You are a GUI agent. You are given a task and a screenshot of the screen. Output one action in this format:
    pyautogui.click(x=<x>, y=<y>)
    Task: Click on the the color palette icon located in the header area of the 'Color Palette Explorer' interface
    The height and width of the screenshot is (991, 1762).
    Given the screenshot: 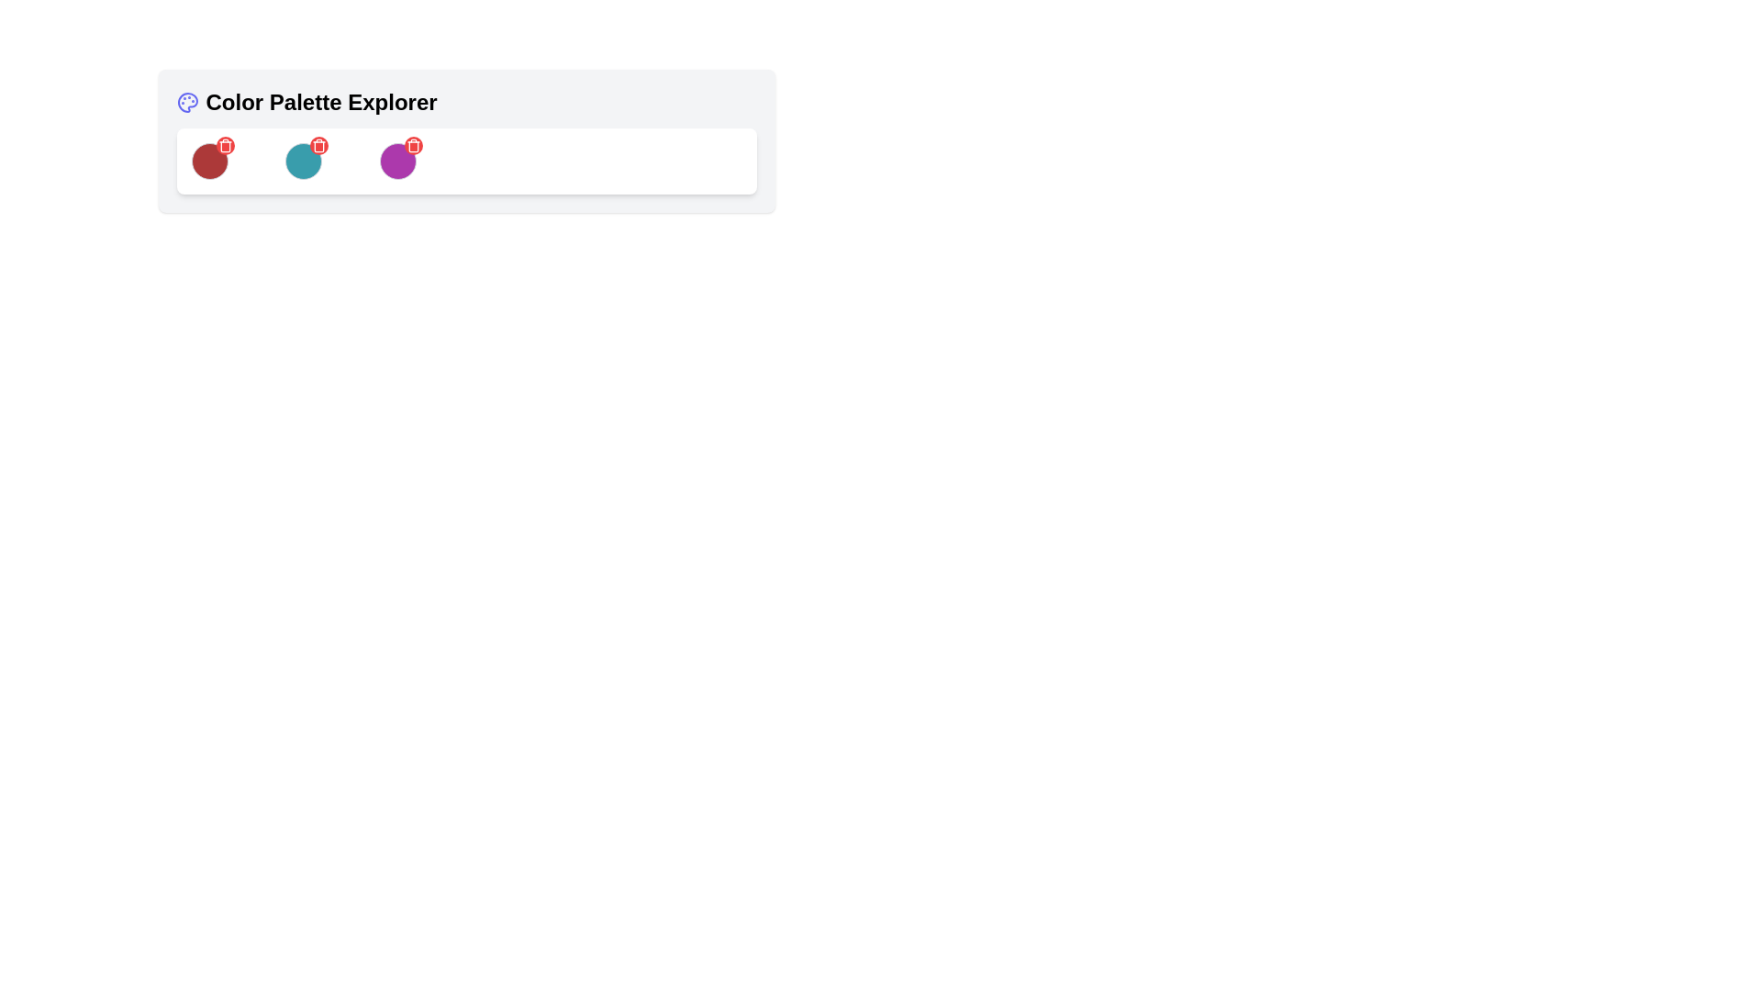 What is the action you would take?
    pyautogui.click(x=186, y=102)
    